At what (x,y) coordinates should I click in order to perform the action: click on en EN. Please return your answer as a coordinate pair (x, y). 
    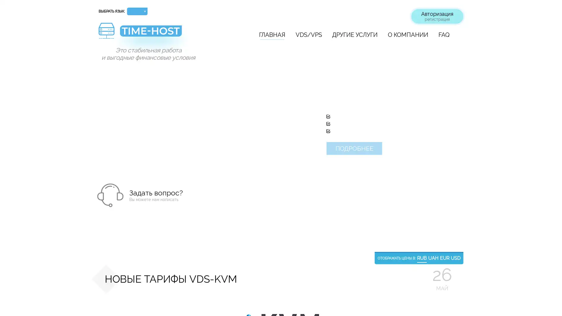
    Looking at the image, I should click on (137, 27).